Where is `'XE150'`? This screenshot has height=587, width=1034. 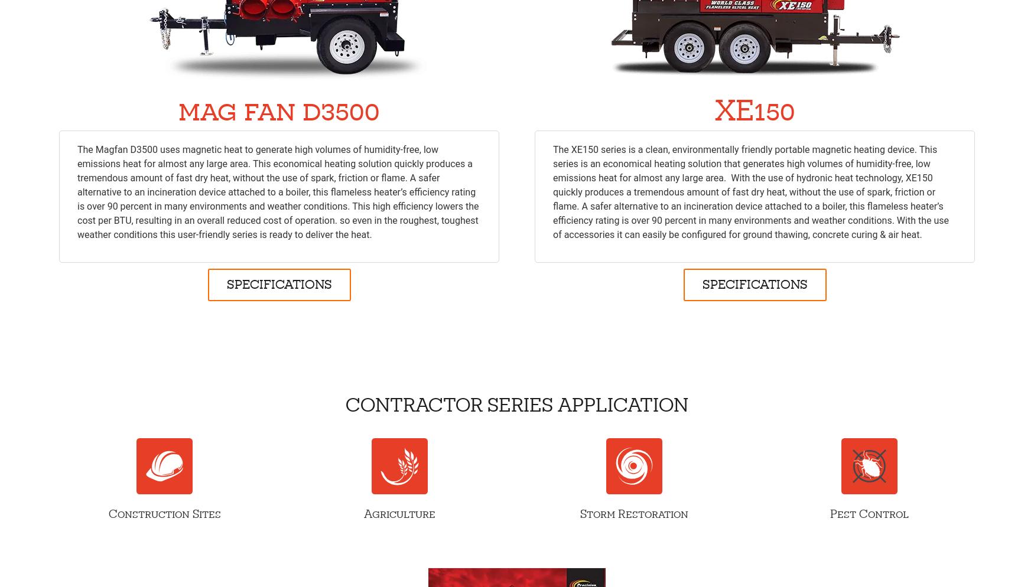
'XE150' is located at coordinates (753, 109).